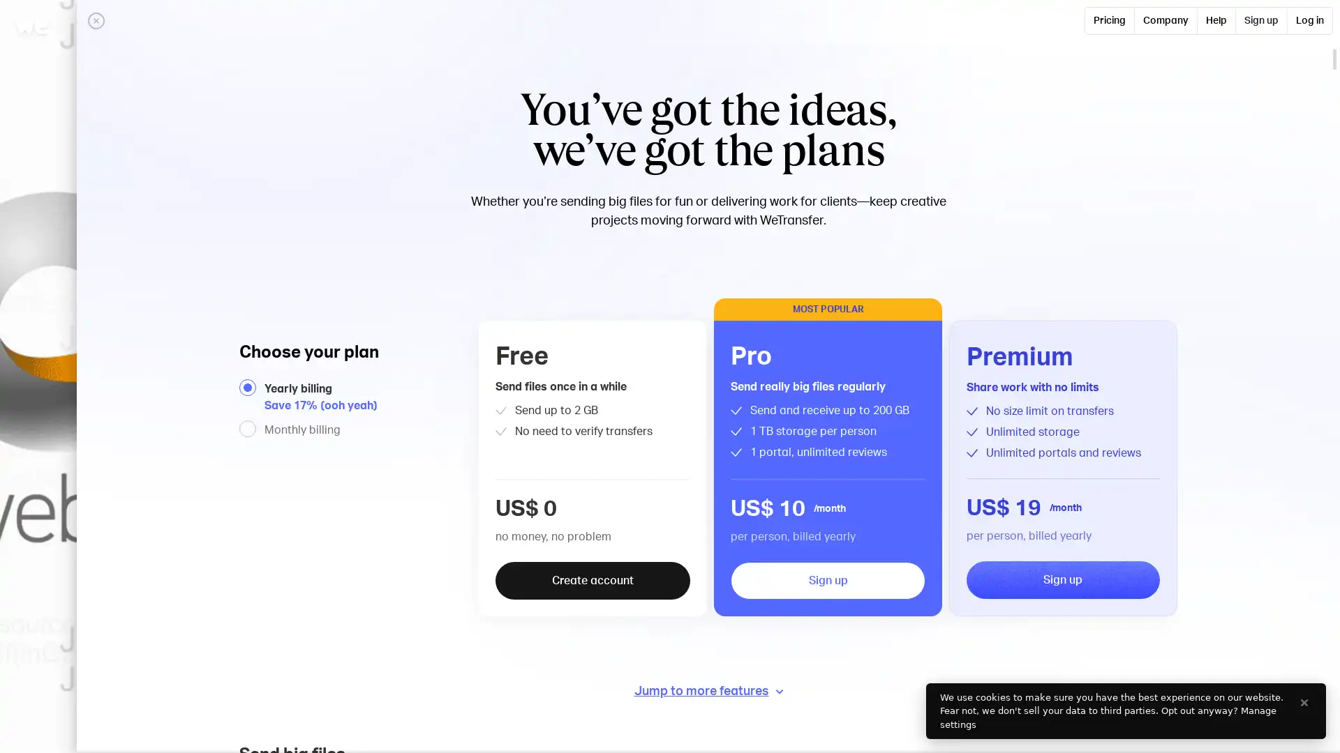 This screenshot has height=753, width=1340. I want to click on Jump to more features, so click(708, 691).